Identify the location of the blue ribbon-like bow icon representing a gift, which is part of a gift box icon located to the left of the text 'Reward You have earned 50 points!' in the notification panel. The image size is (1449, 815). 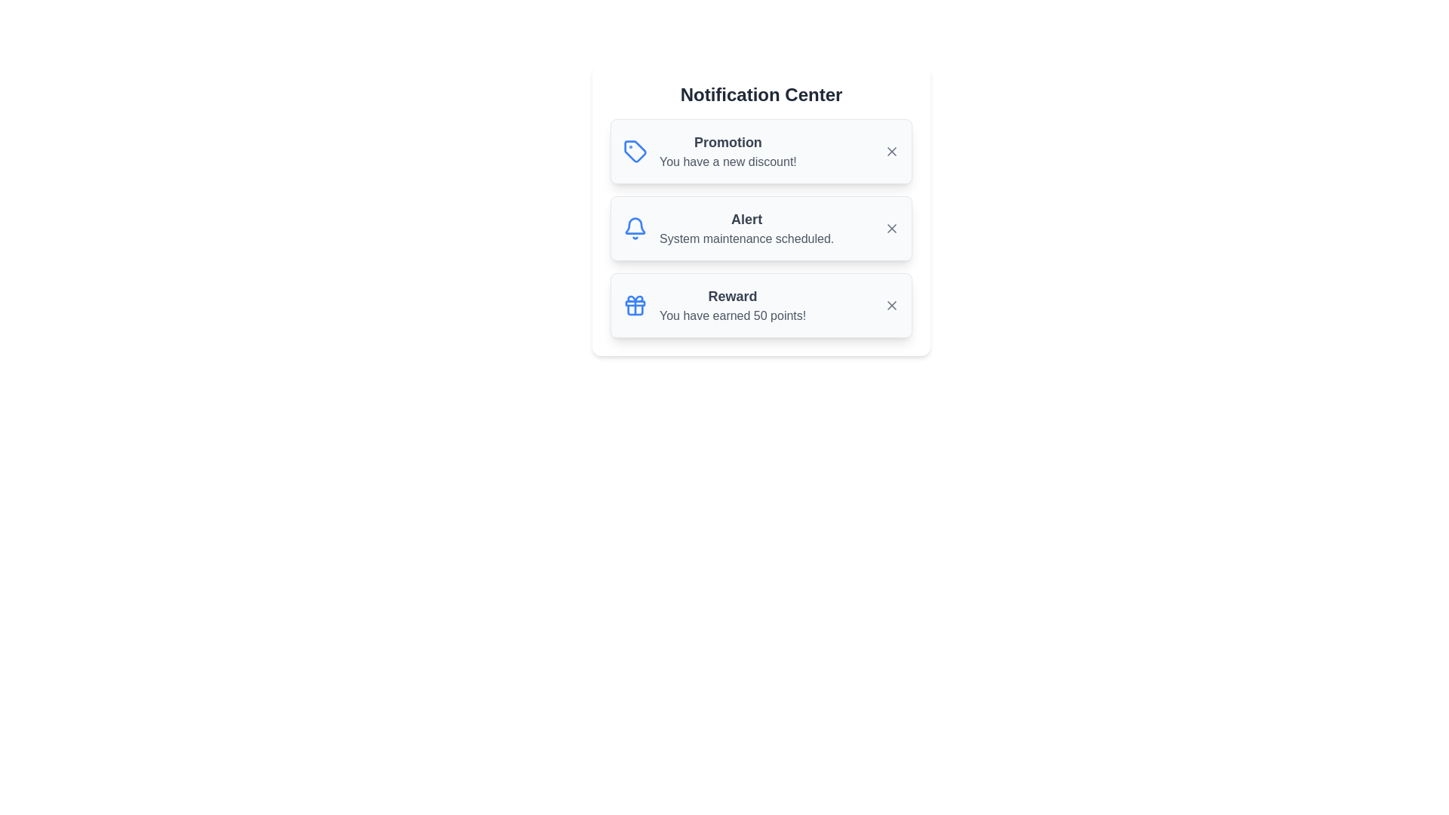
(635, 299).